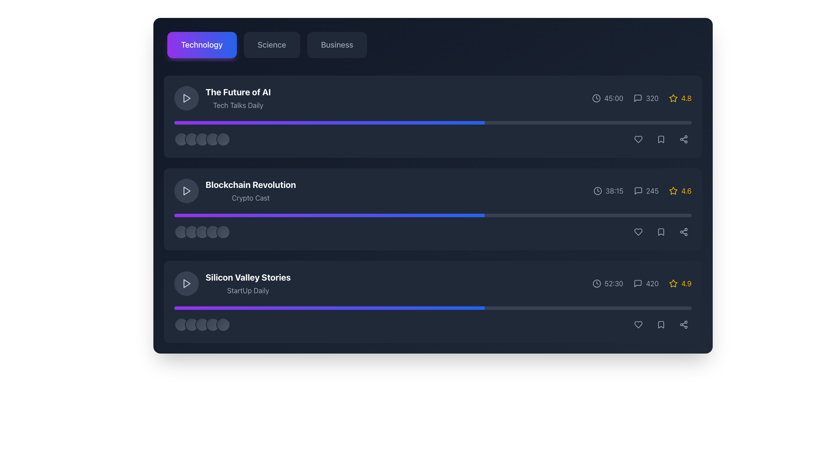 The image size is (839, 472). I want to click on the SVG Circle in the clock icon that visually represents time duration, located near the text '52:30', so click(596, 283).